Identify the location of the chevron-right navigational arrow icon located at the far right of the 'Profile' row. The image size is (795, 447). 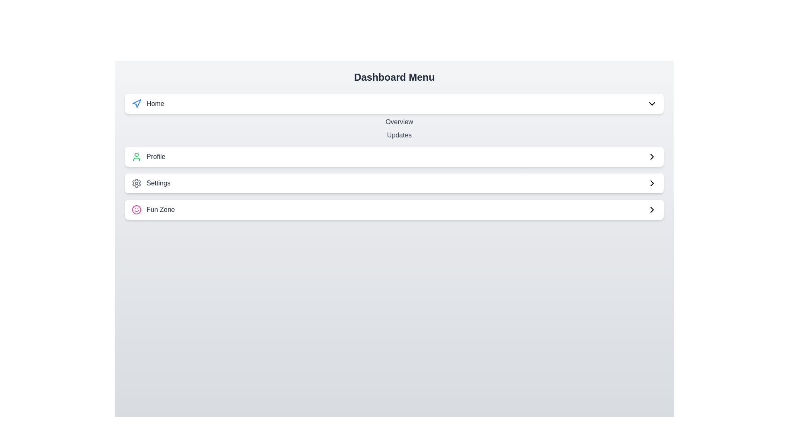
(651, 156).